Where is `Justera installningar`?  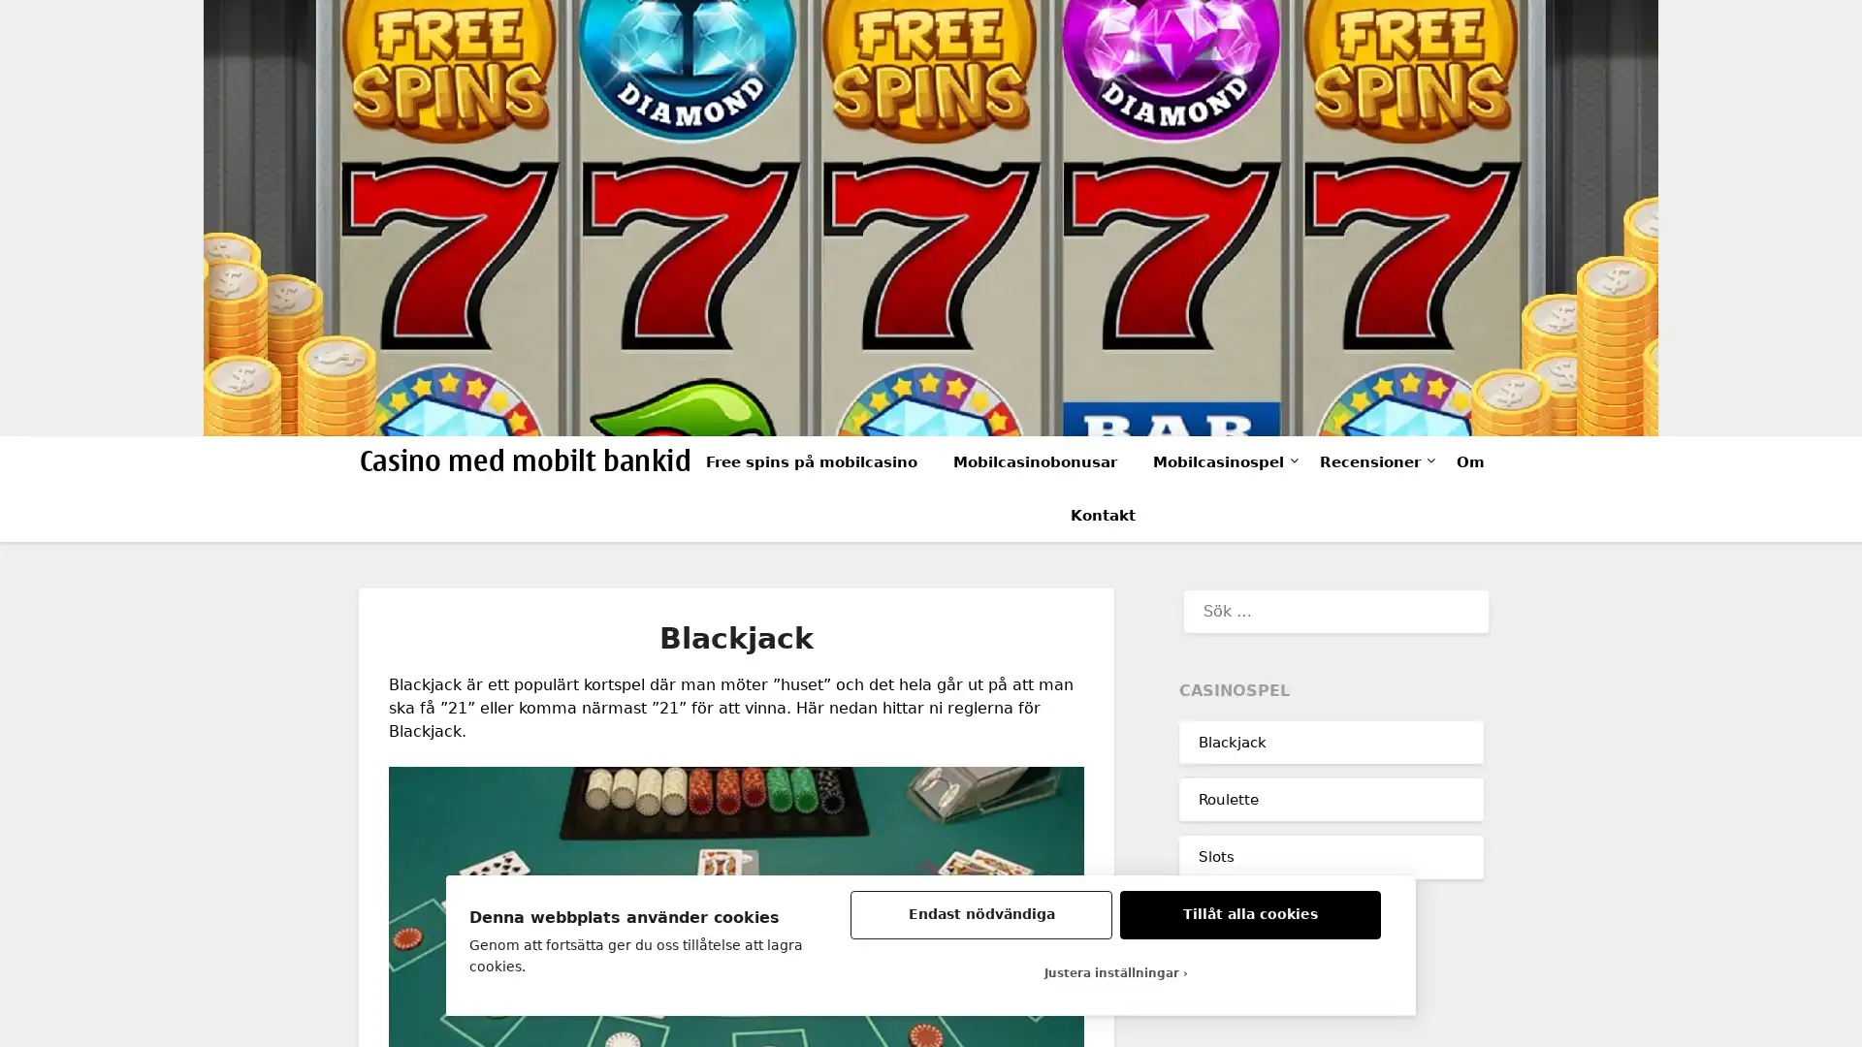 Justera installningar is located at coordinates (1115, 972).